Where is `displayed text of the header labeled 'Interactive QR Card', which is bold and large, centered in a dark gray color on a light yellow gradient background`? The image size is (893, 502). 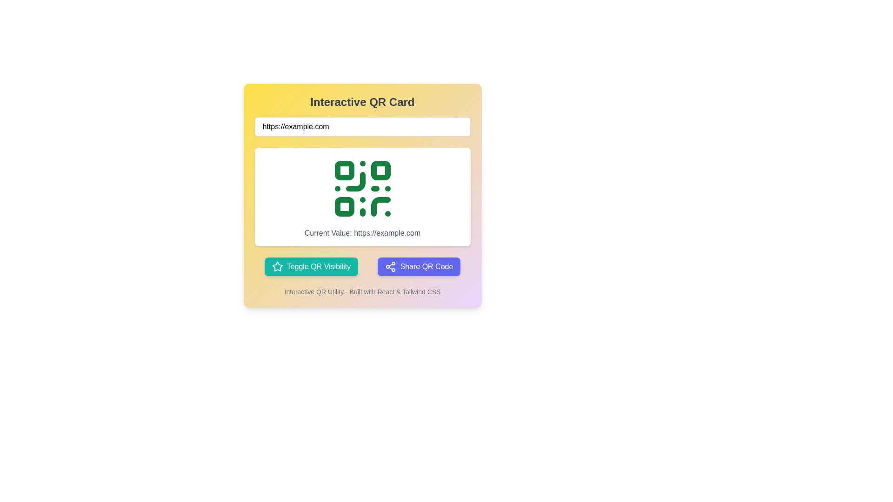 displayed text of the header labeled 'Interactive QR Card', which is bold and large, centered in a dark gray color on a light yellow gradient background is located at coordinates (362, 102).